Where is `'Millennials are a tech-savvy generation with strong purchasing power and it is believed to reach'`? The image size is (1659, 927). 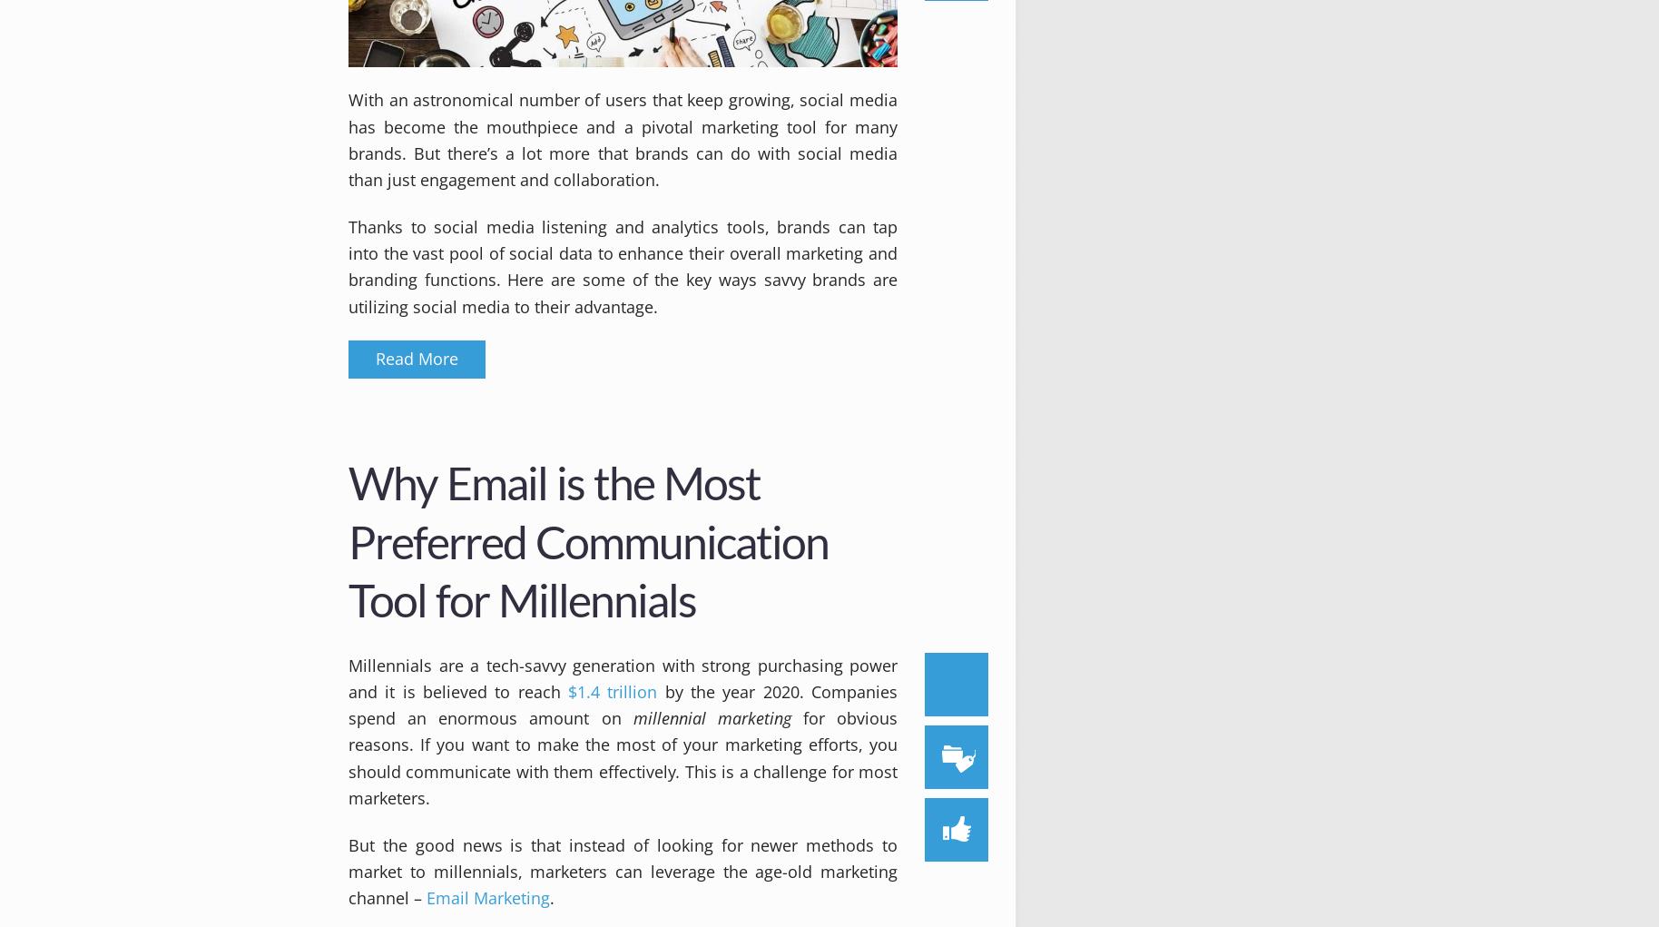
'Millennials are a tech-savvy generation with strong purchasing power and it is believed to reach' is located at coordinates (622, 676).